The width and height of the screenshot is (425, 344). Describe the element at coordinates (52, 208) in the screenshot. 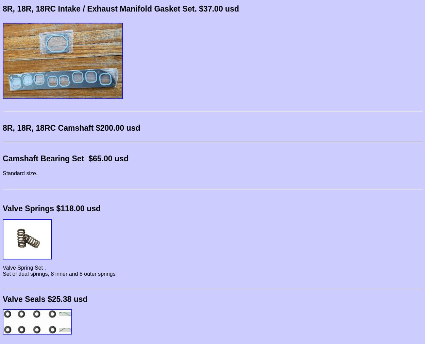

I see `'Valve Springs $118.00 usd'` at that location.